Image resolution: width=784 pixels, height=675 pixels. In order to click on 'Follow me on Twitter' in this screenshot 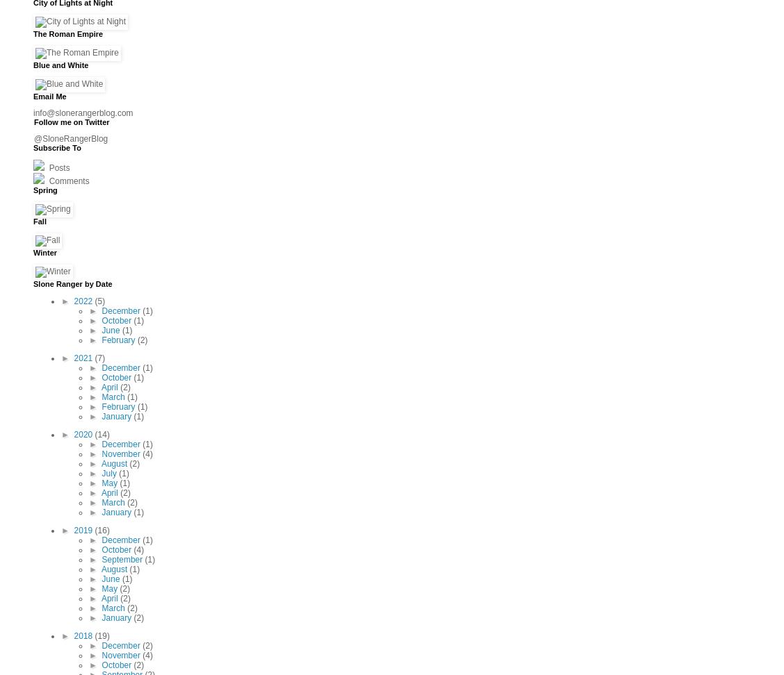, I will do `click(33, 121)`.